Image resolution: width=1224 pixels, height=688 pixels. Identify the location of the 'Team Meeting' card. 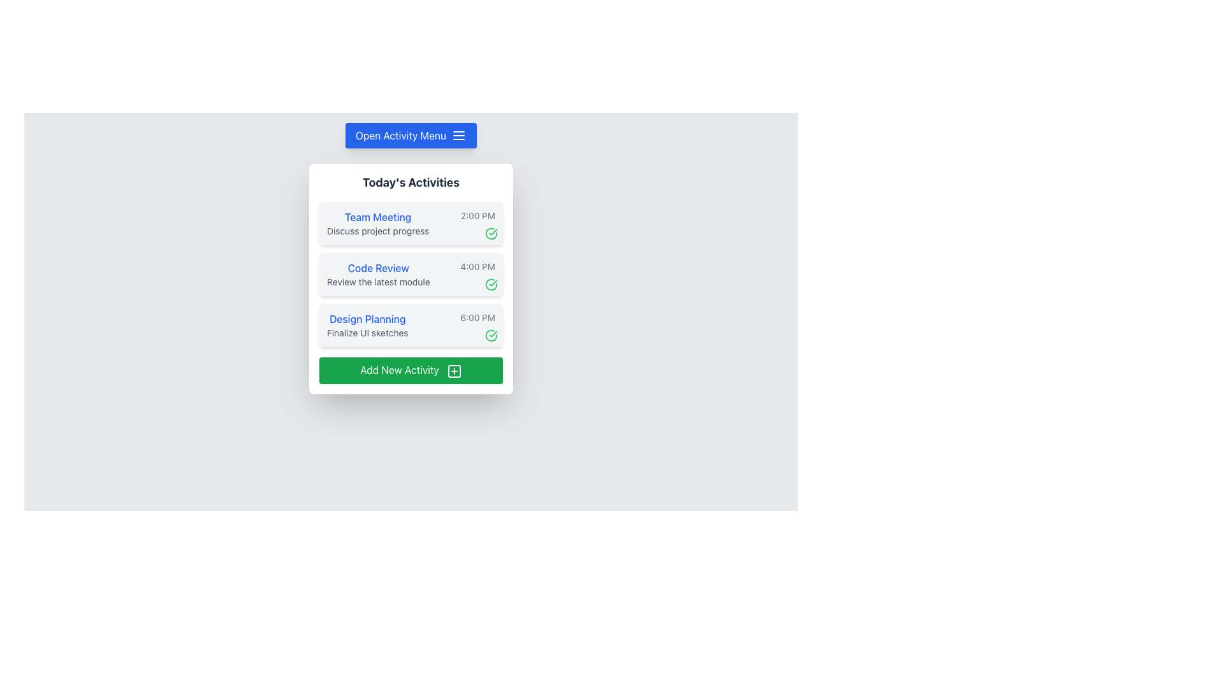
(411, 223).